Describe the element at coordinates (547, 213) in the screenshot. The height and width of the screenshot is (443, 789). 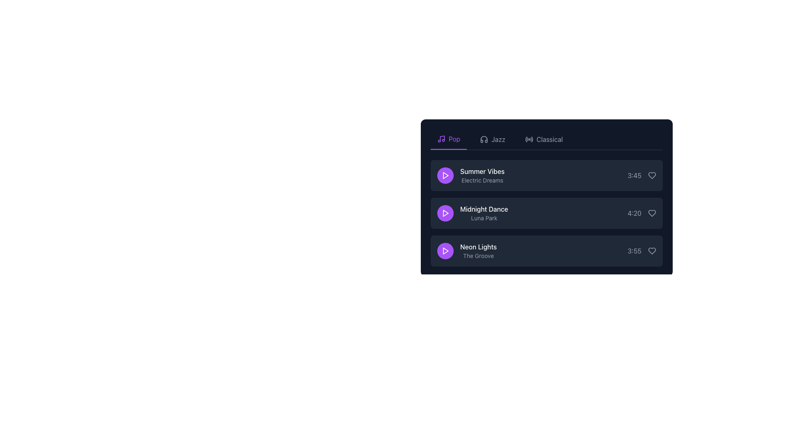
I see `an item in the music selection list located below the music genre tabs` at that location.